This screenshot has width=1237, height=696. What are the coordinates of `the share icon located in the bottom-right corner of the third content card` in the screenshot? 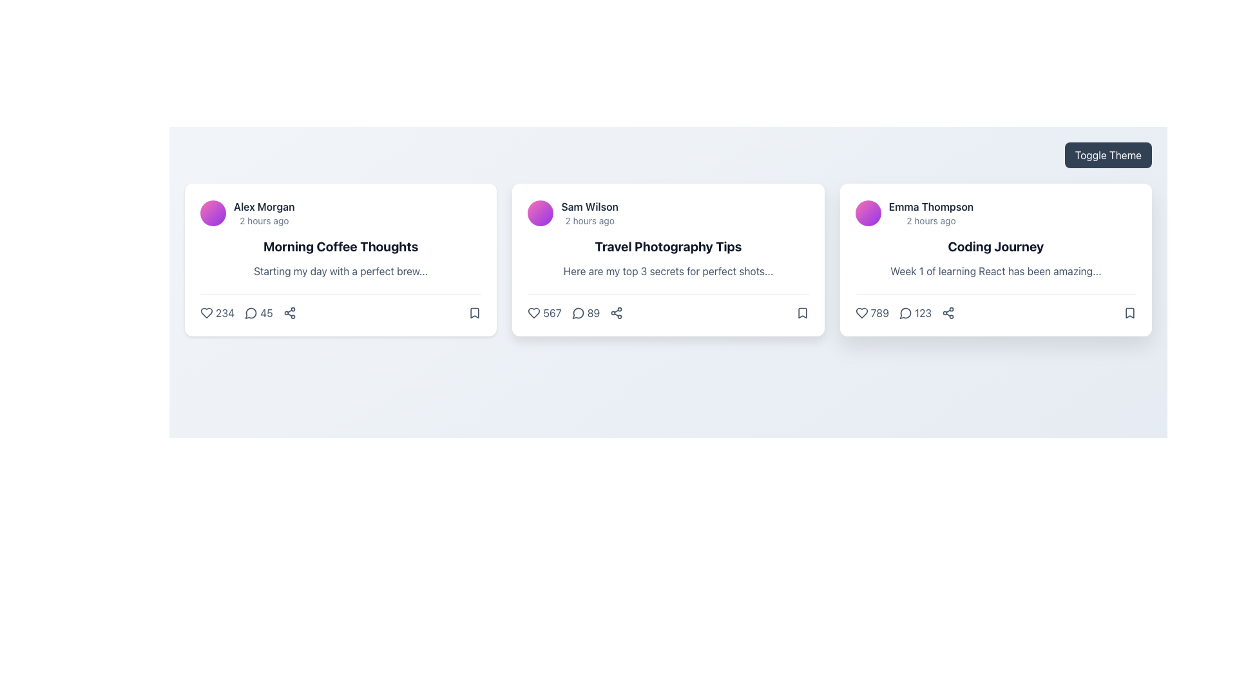 It's located at (948, 313).